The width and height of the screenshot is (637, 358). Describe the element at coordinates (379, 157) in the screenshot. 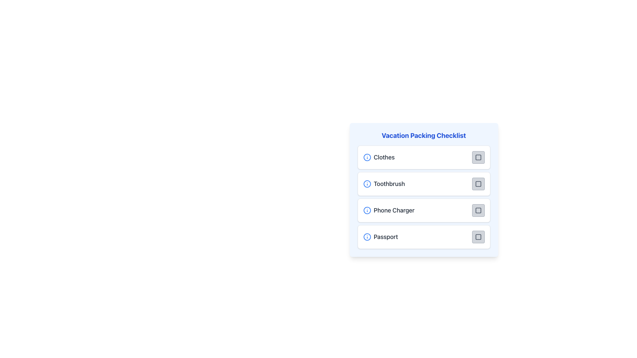

I see `the 'Clothes' label styled as a header with a blue circular information icon, located in the first row of a checklist` at that location.